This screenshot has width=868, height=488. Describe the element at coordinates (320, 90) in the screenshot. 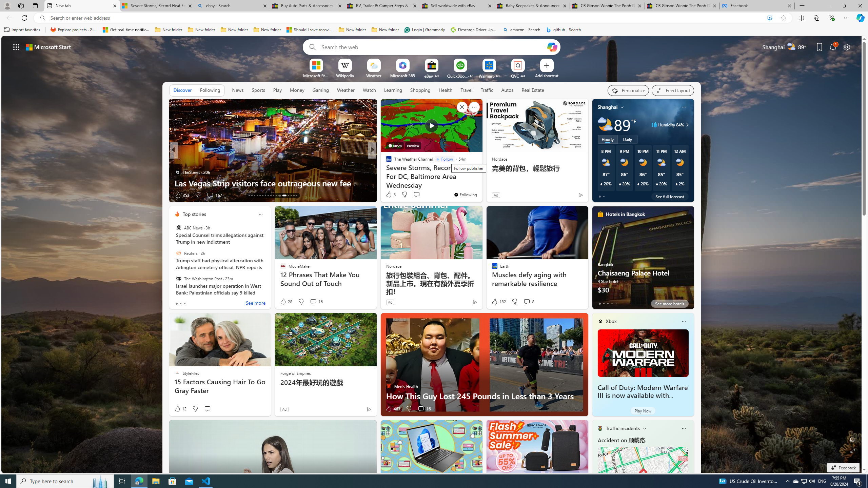

I see `'Gaming'` at that location.